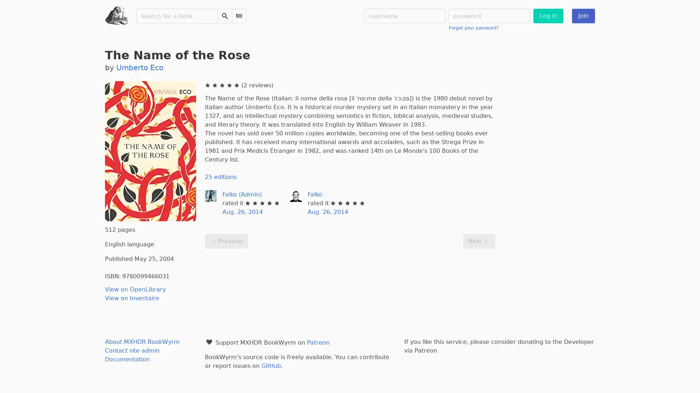  What do you see at coordinates (239, 16) in the screenshot?
I see `Scan Barcode` at bounding box center [239, 16].